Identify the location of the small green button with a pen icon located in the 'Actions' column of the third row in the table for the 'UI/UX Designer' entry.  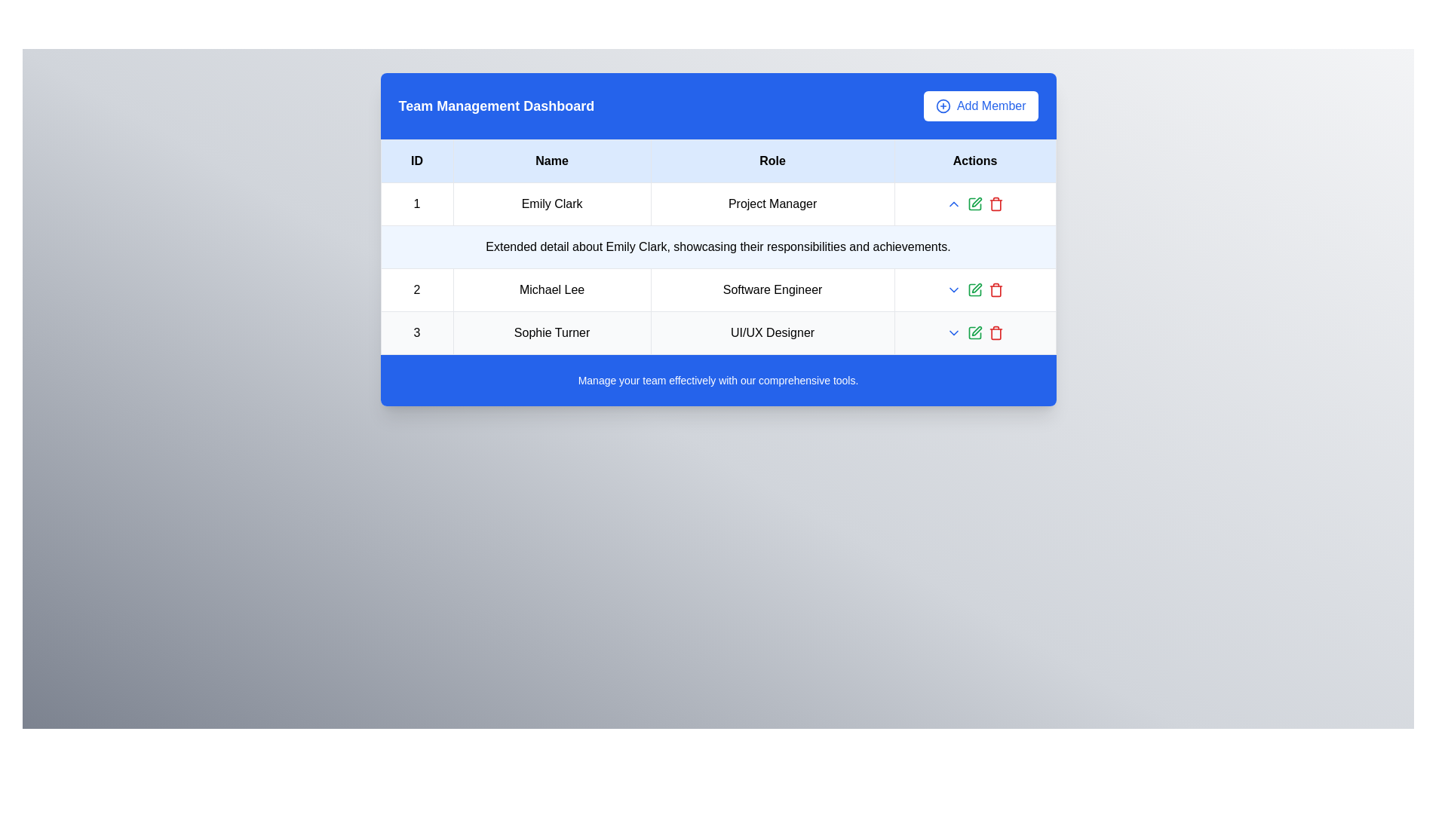
(975, 332).